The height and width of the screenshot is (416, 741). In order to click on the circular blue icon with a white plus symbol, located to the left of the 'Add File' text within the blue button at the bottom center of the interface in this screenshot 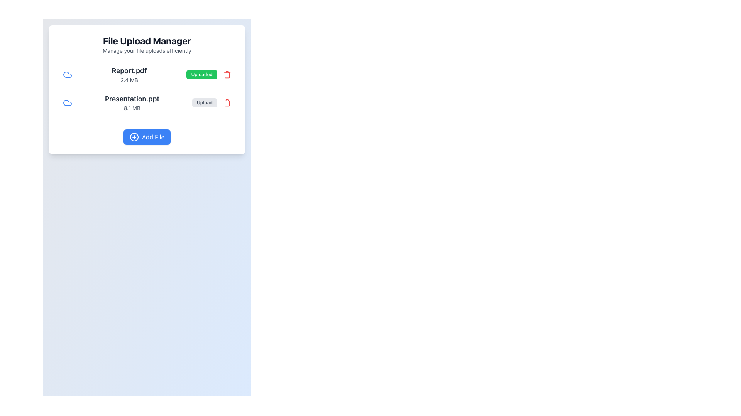, I will do `click(134, 136)`.